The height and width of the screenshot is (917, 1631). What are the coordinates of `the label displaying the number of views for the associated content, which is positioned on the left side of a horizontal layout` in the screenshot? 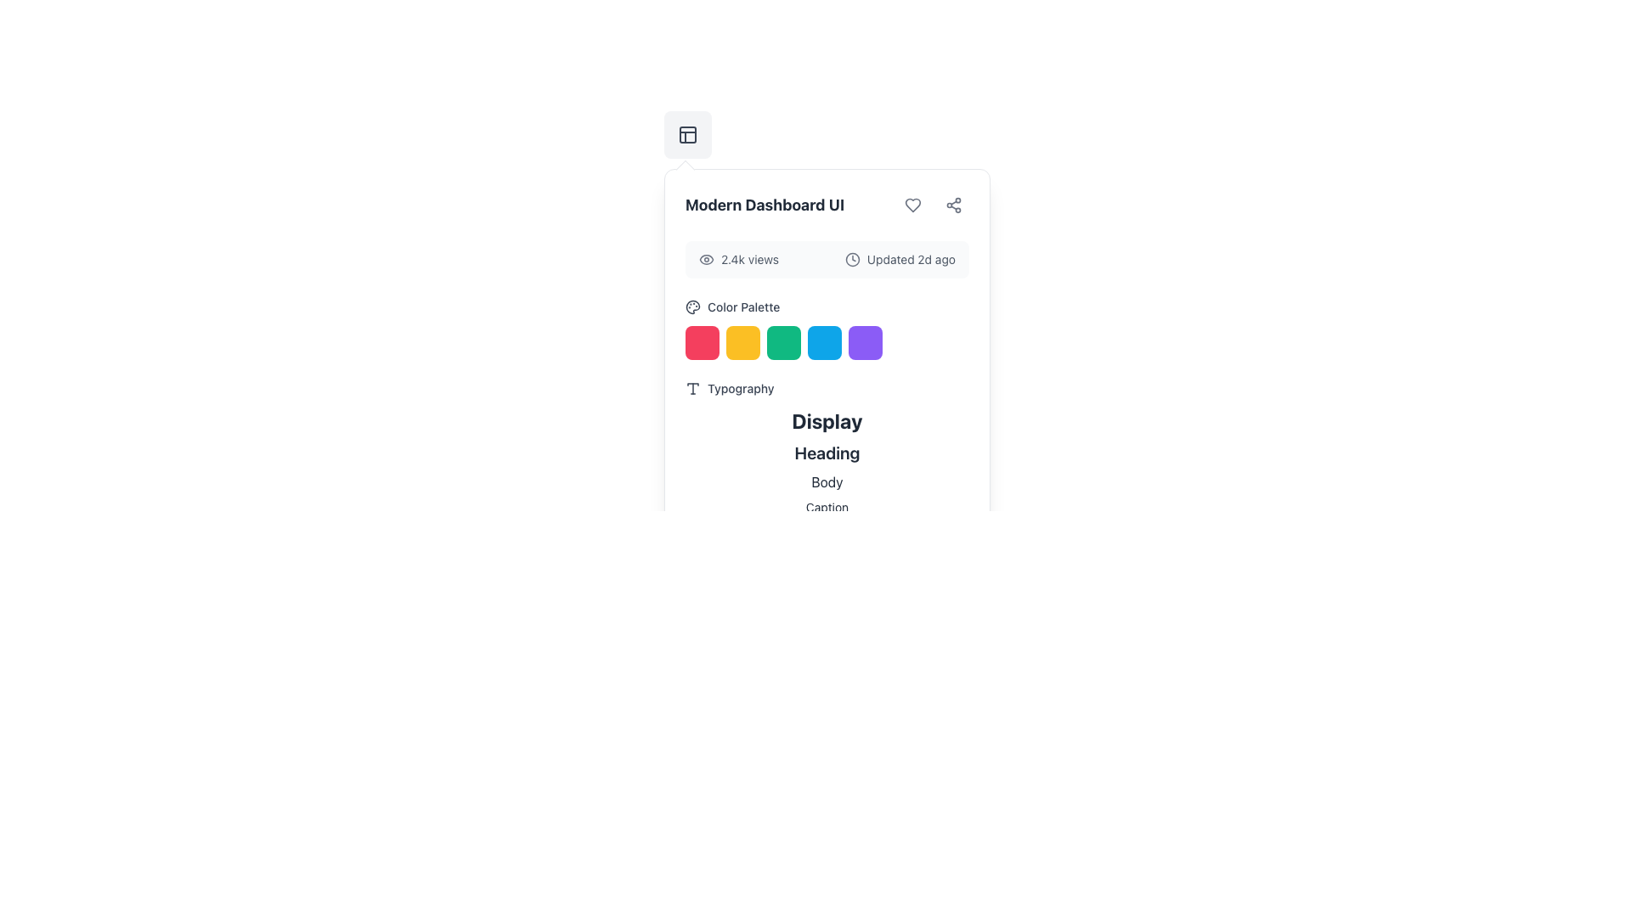 It's located at (738, 259).